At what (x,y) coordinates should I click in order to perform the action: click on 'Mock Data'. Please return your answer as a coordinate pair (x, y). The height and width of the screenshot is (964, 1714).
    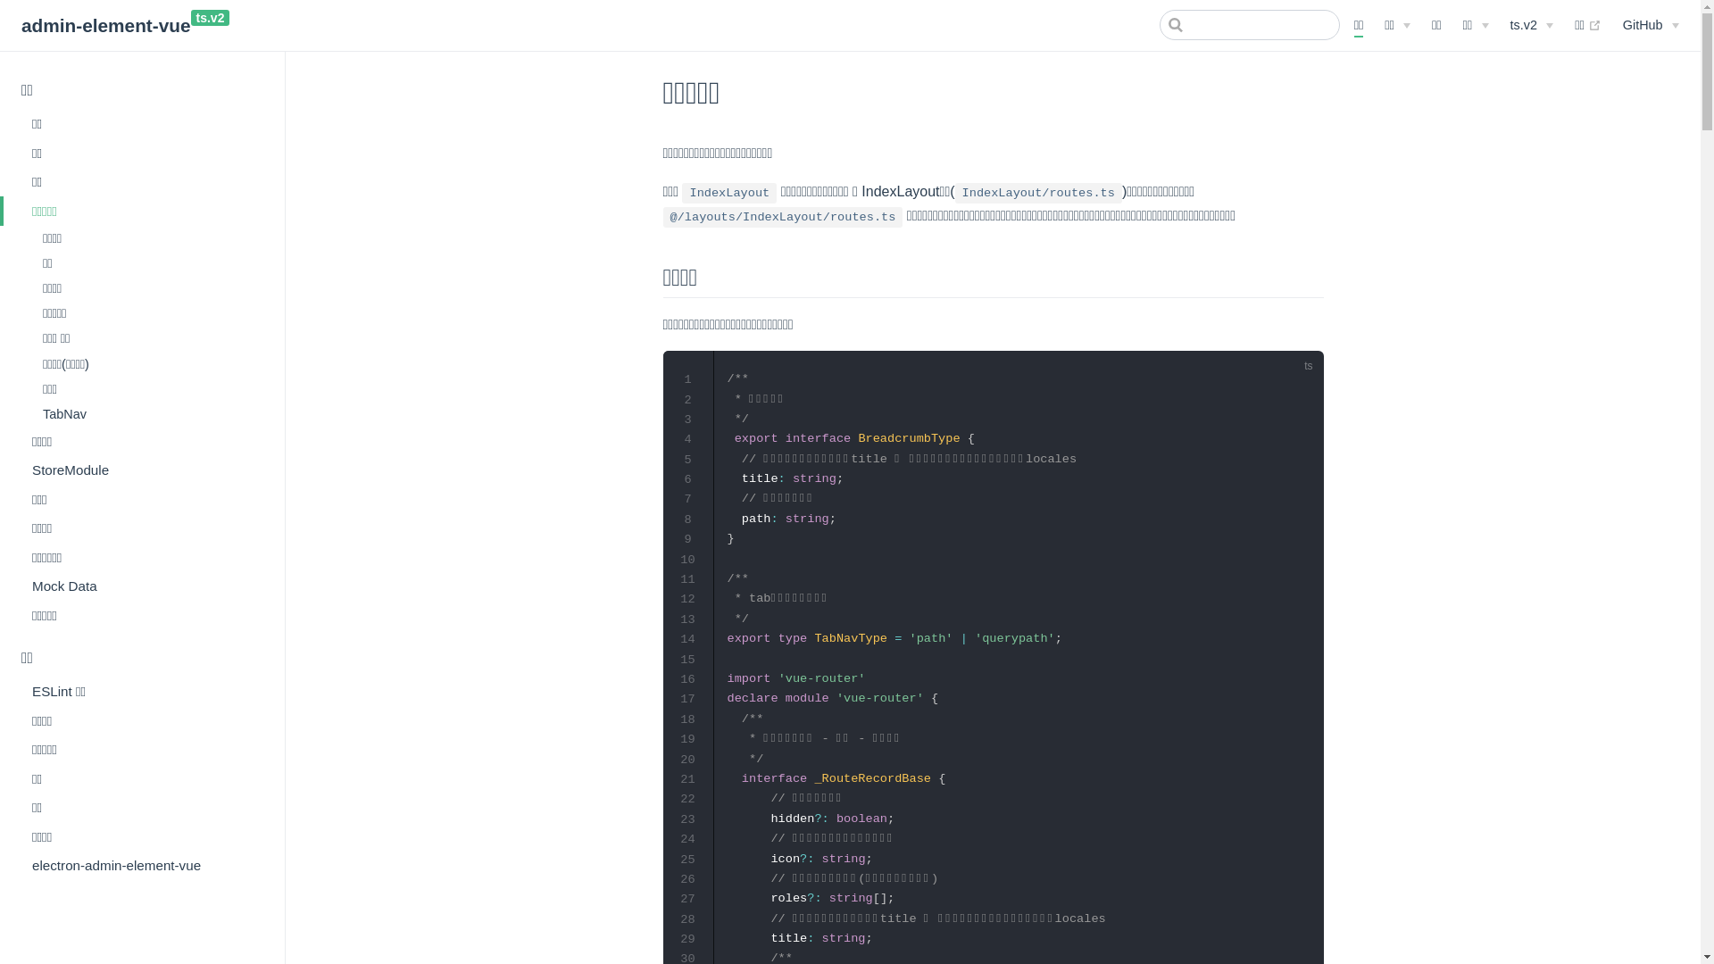
    Looking at the image, I should click on (141, 586).